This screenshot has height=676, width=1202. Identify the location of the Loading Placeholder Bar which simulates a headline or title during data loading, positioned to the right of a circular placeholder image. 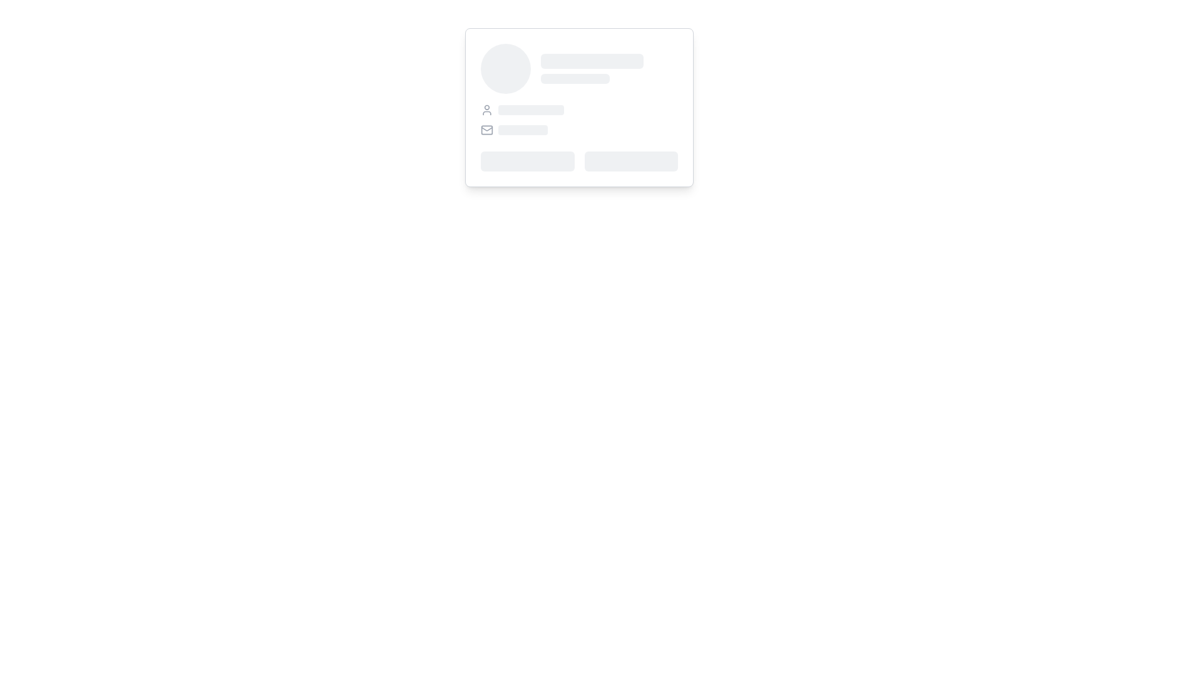
(609, 69).